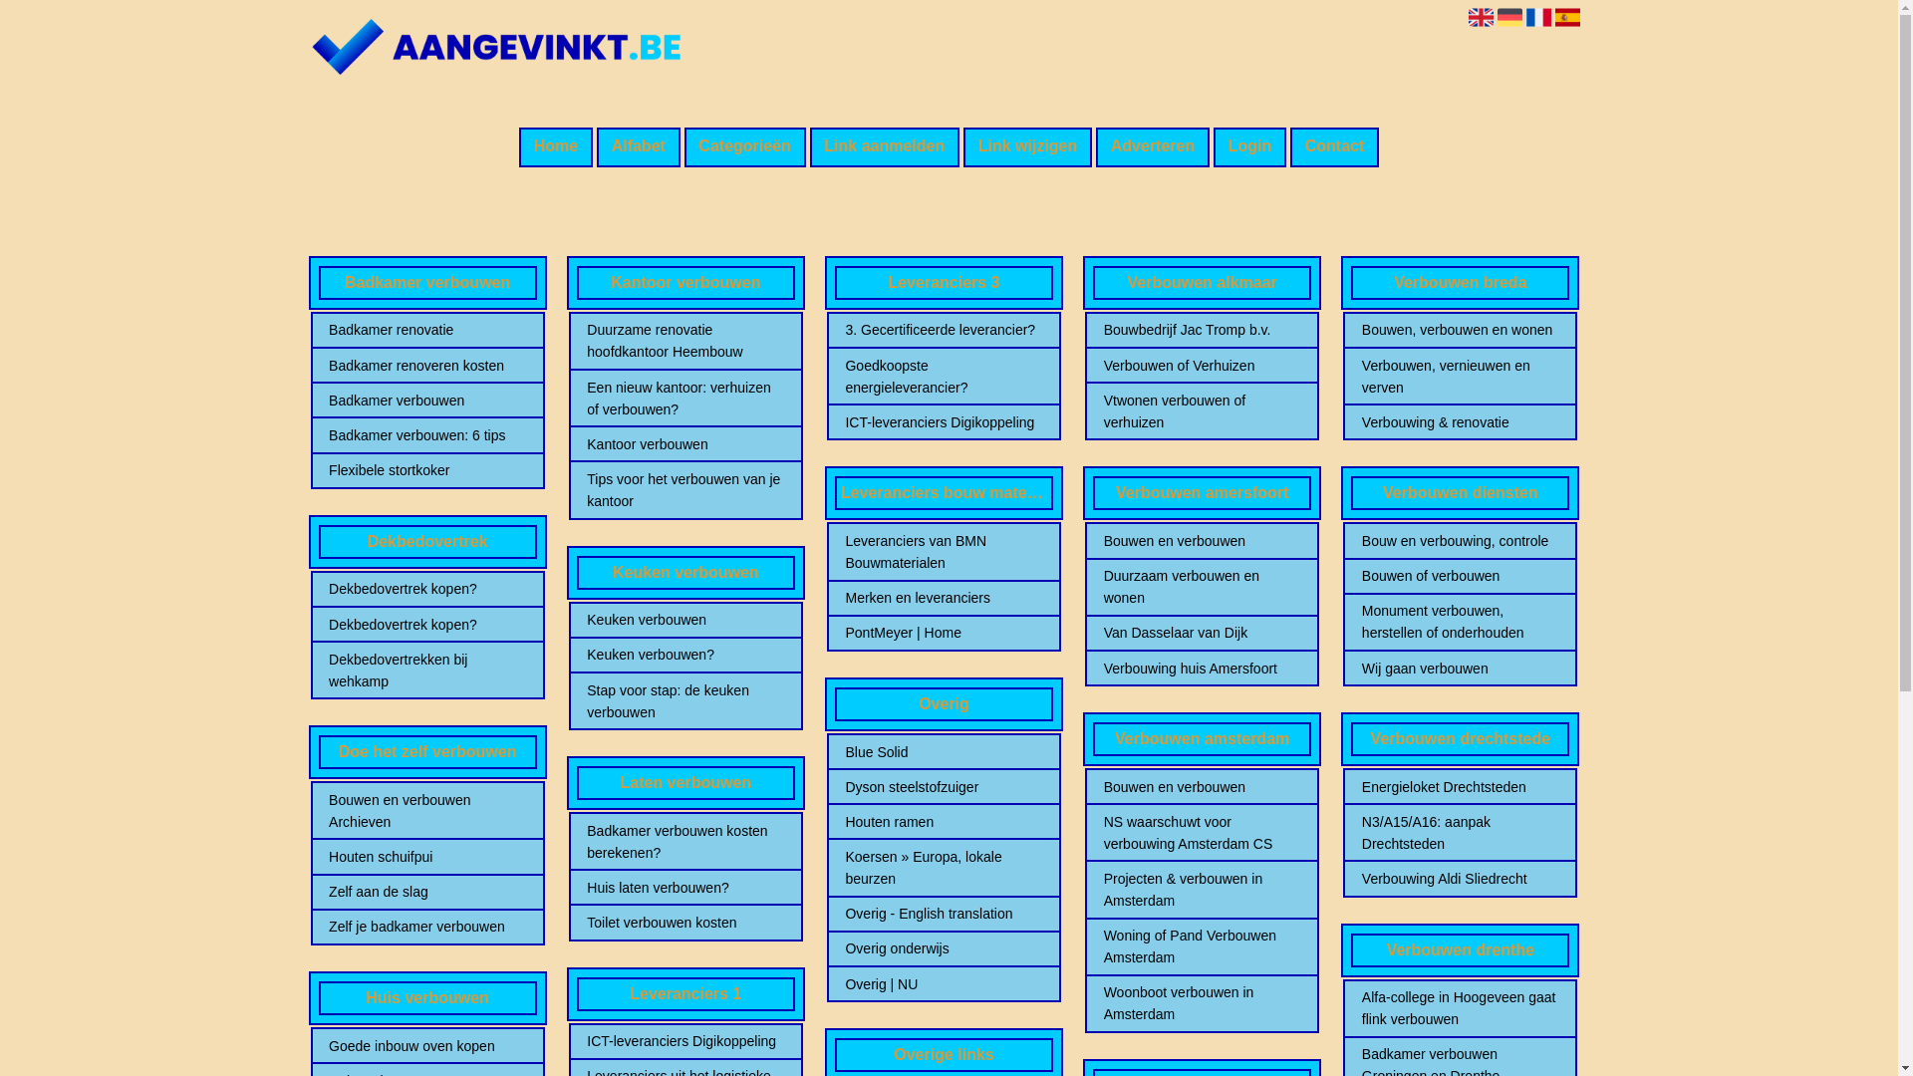 The width and height of the screenshot is (1913, 1076). Describe the element at coordinates (1460, 541) in the screenshot. I see `'Bouw en verbouwing, controle'` at that location.